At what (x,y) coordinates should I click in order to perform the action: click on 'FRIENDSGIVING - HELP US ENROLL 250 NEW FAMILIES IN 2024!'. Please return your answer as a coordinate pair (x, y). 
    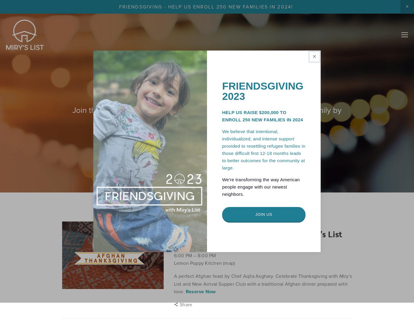
    Looking at the image, I should click on (206, 6).